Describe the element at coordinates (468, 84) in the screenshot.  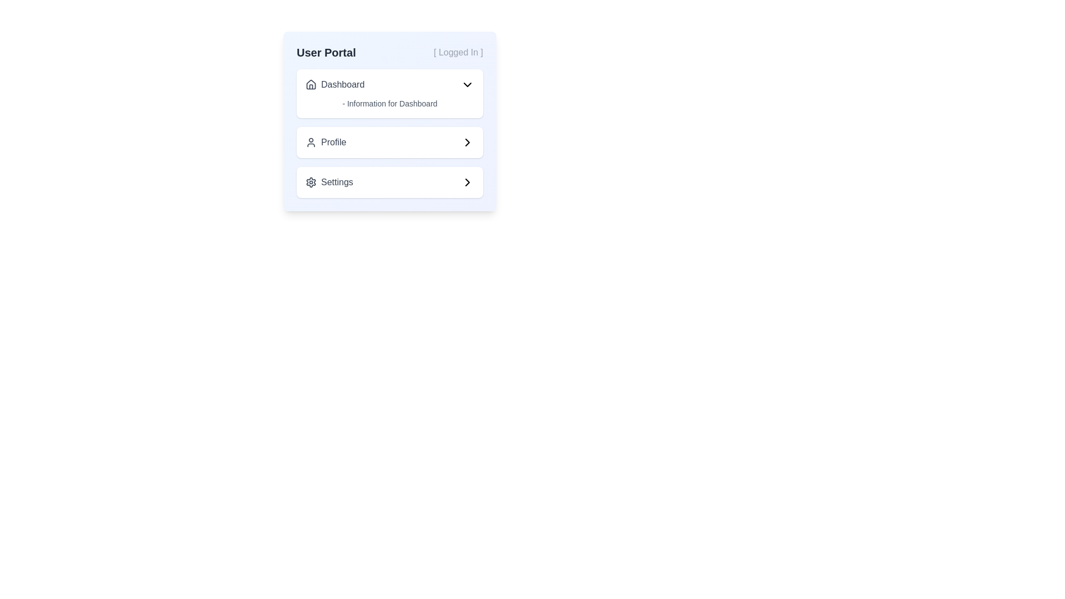
I see `the chevron icon (down arrow) located to the right of the 'Dashboard' text` at that location.